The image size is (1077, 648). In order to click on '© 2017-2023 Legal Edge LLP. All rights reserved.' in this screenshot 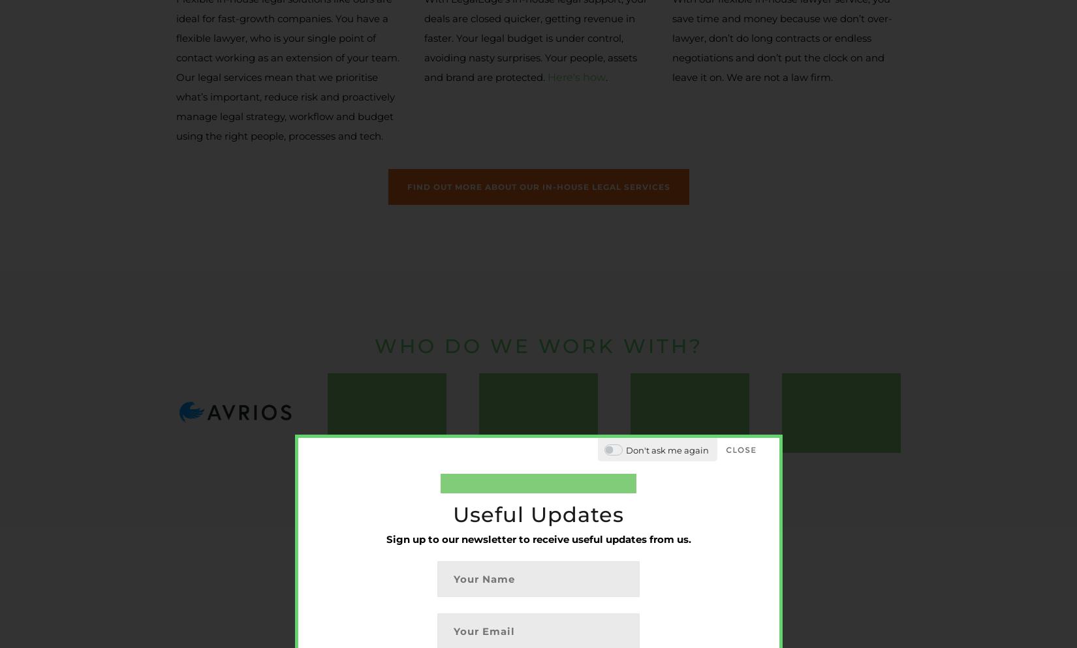, I will do `click(281, 619)`.